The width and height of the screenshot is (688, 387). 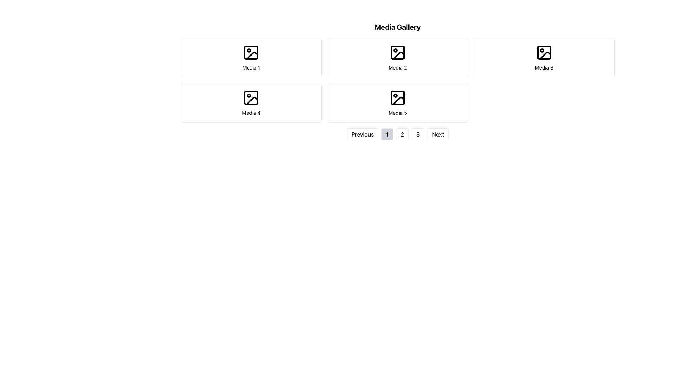 I want to click on the text label 'Media 1' located under the image icon in the first cell of the media gallery grid layout, so click(x=251, y=68).